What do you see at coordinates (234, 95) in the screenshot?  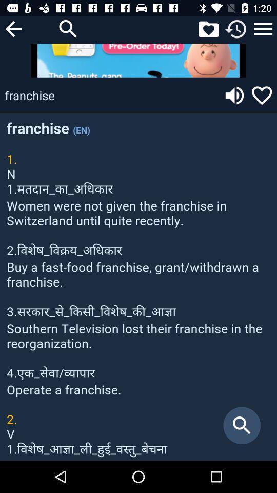 I see `volume` at bounding box center [234, 95].